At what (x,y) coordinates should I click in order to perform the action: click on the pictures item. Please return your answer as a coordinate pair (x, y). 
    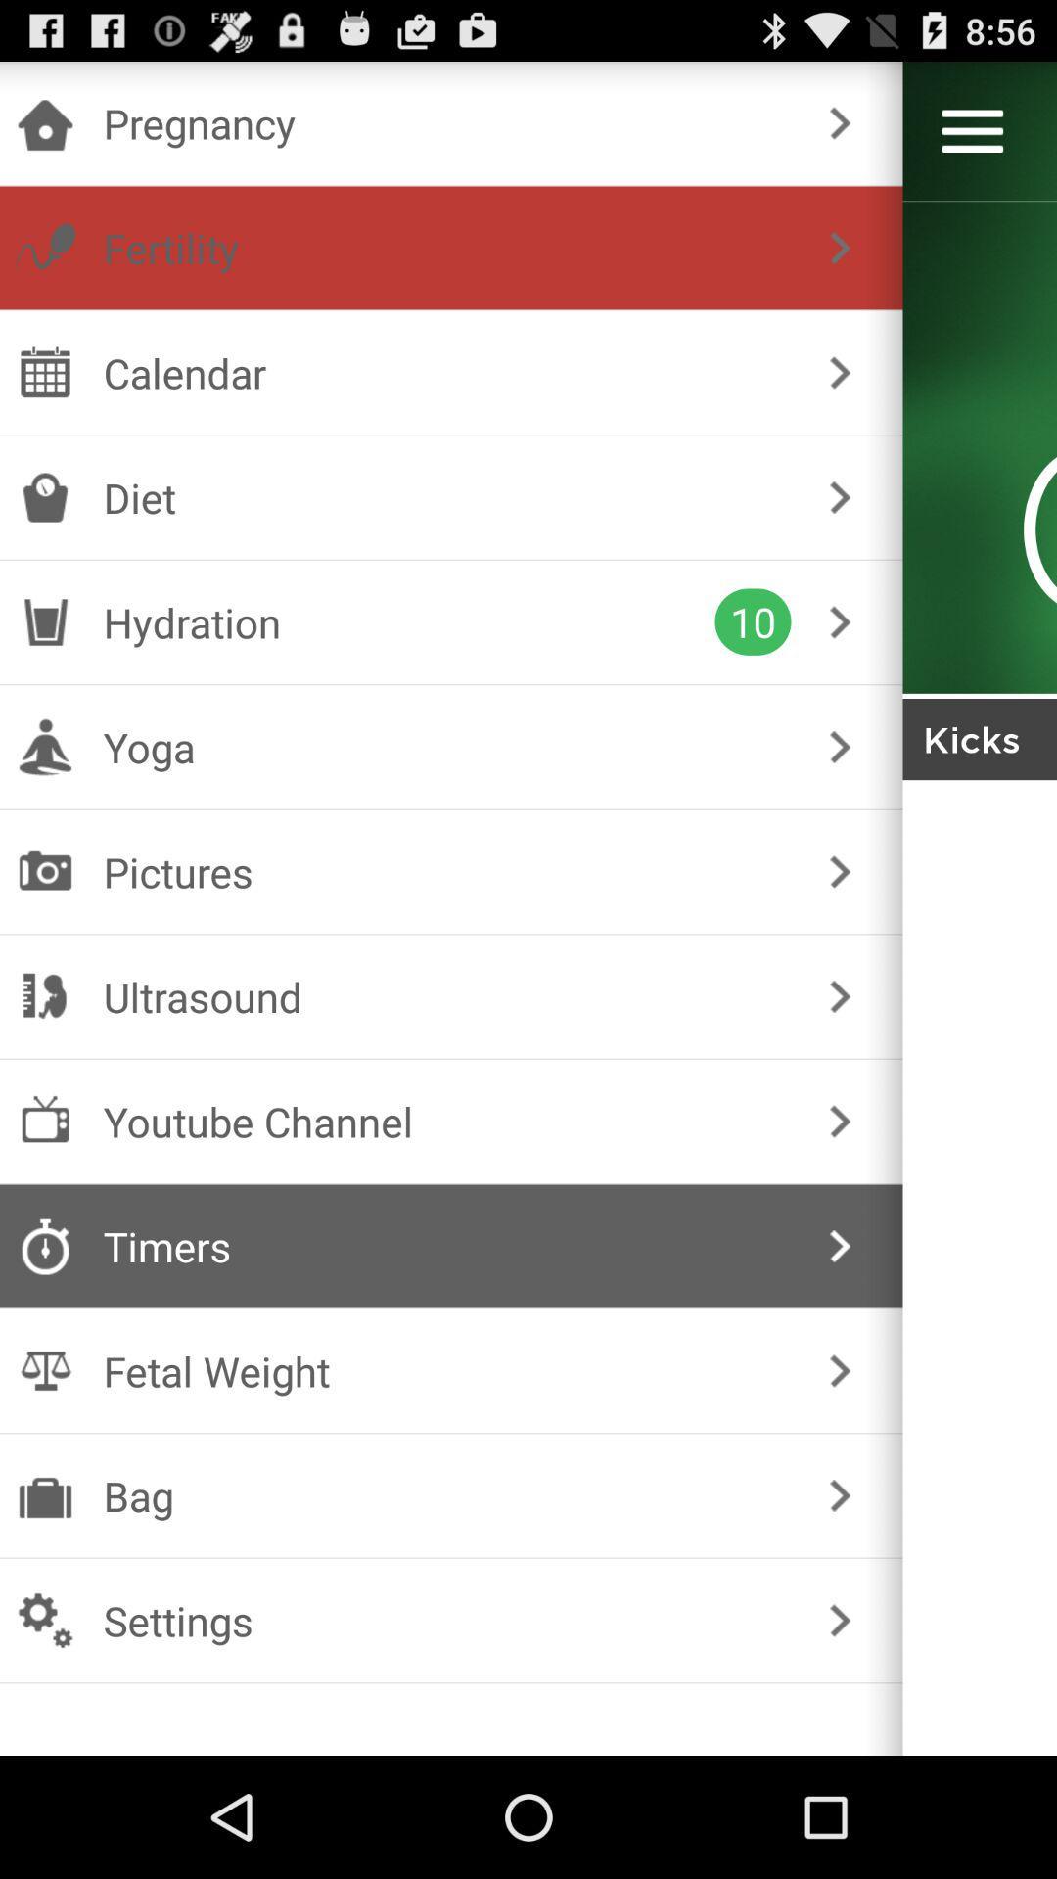
    Looking at the image, I should click on (447, 871).